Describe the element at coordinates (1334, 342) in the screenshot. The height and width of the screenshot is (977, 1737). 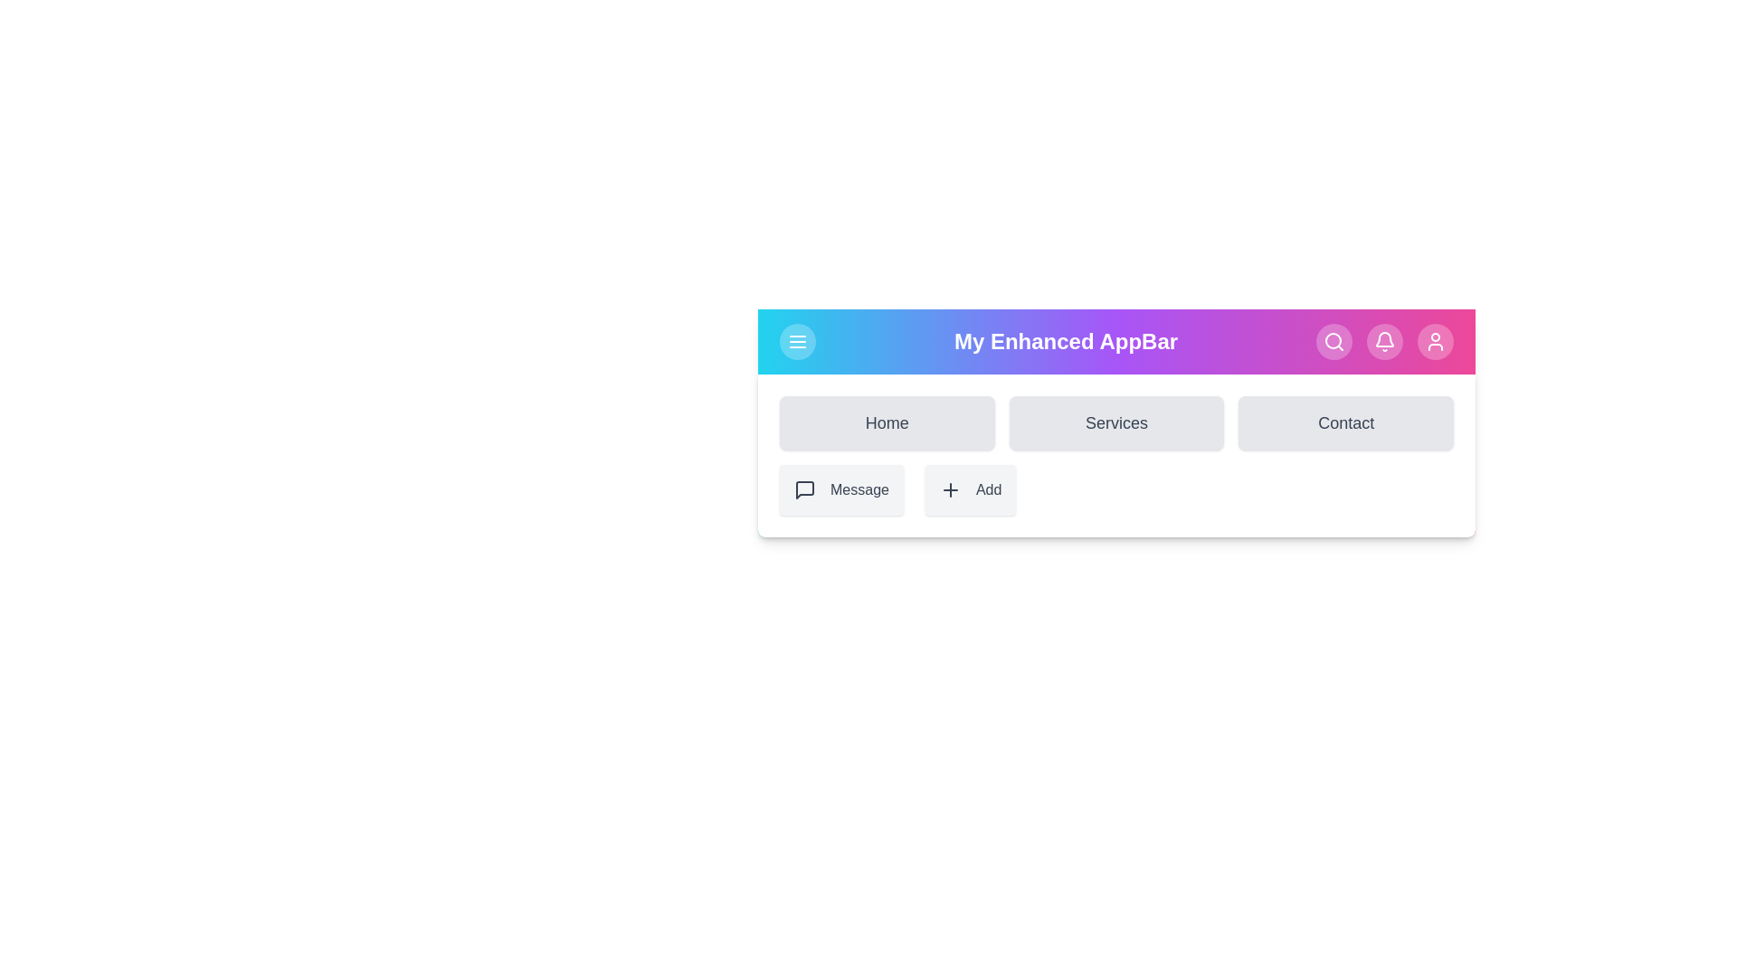
I see `the toolbar icon Search to perform its associated action` at that location.